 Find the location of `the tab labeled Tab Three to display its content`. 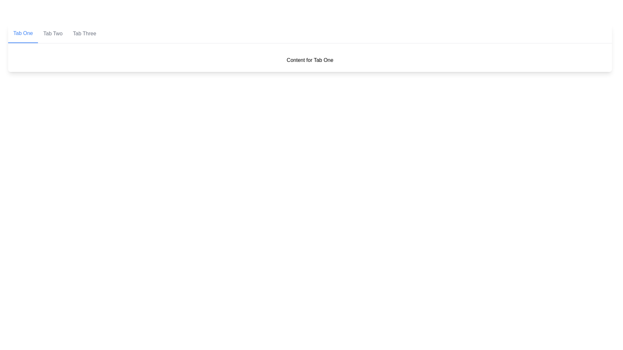

the tab labeled Tab Three to display its content is located at coordinates (84, 34).